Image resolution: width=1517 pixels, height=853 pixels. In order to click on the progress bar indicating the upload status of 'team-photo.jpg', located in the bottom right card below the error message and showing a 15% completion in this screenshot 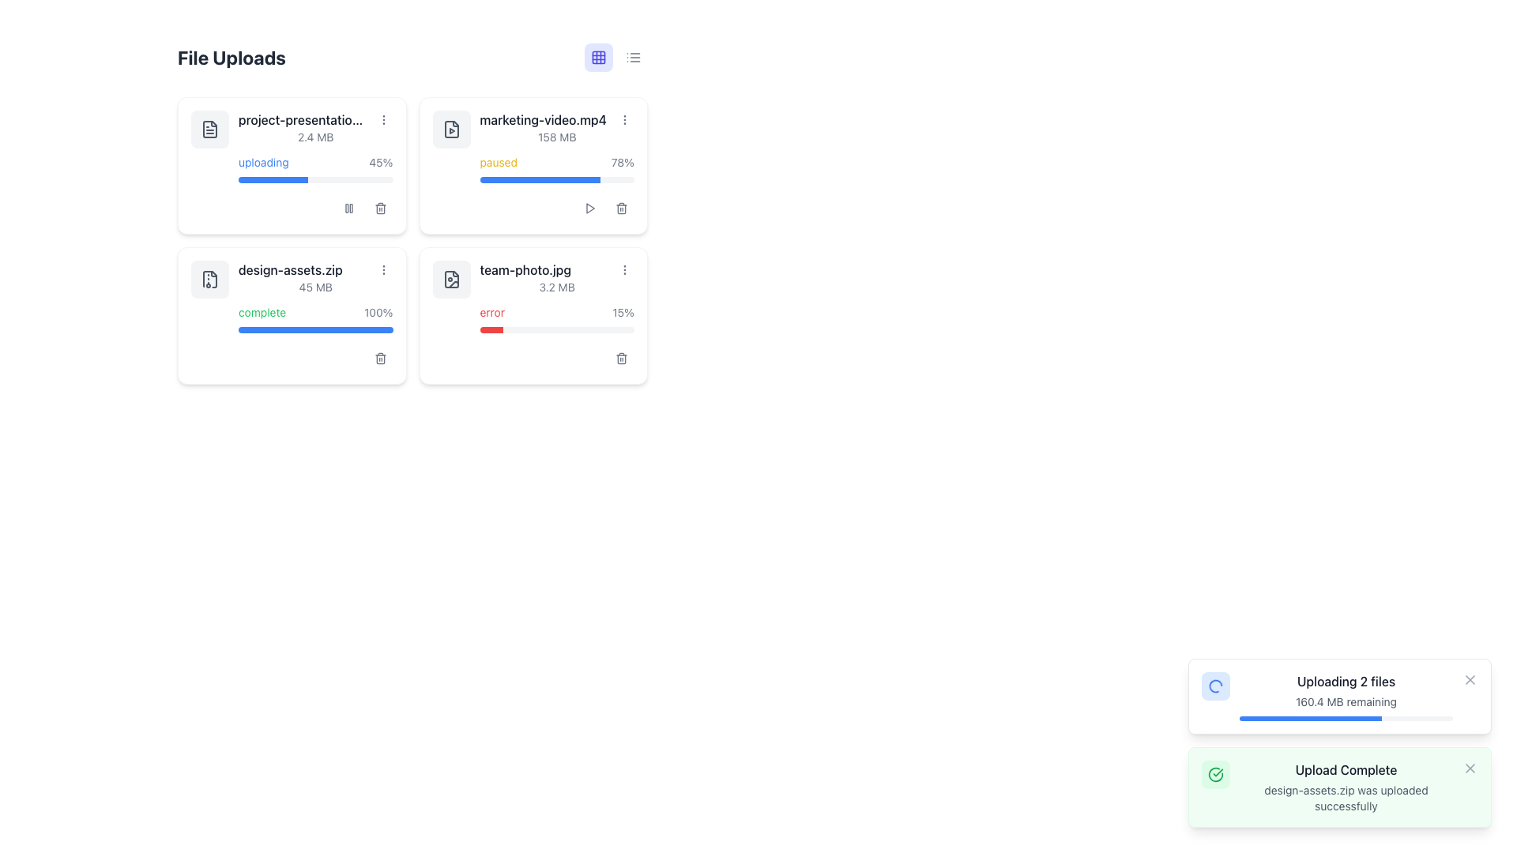, I will do `click(557, 329)`.